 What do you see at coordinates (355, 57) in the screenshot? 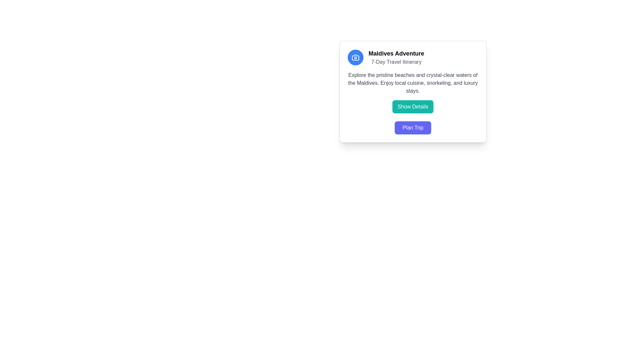
I see `the camera icon located within the circular button at the top-left corner of the card-like UI element` at bounding box center [355, 57].